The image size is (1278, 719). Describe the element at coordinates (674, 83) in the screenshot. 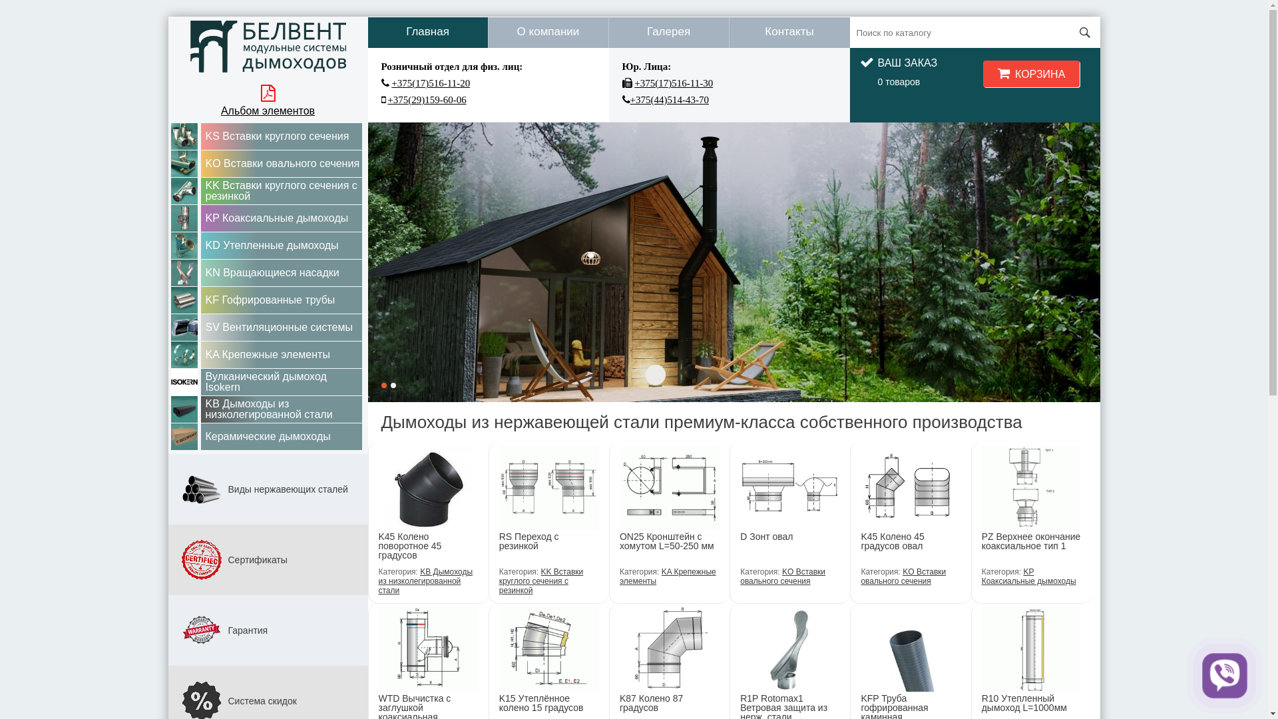

I see `'+375(17)516-11-30'` at that location.